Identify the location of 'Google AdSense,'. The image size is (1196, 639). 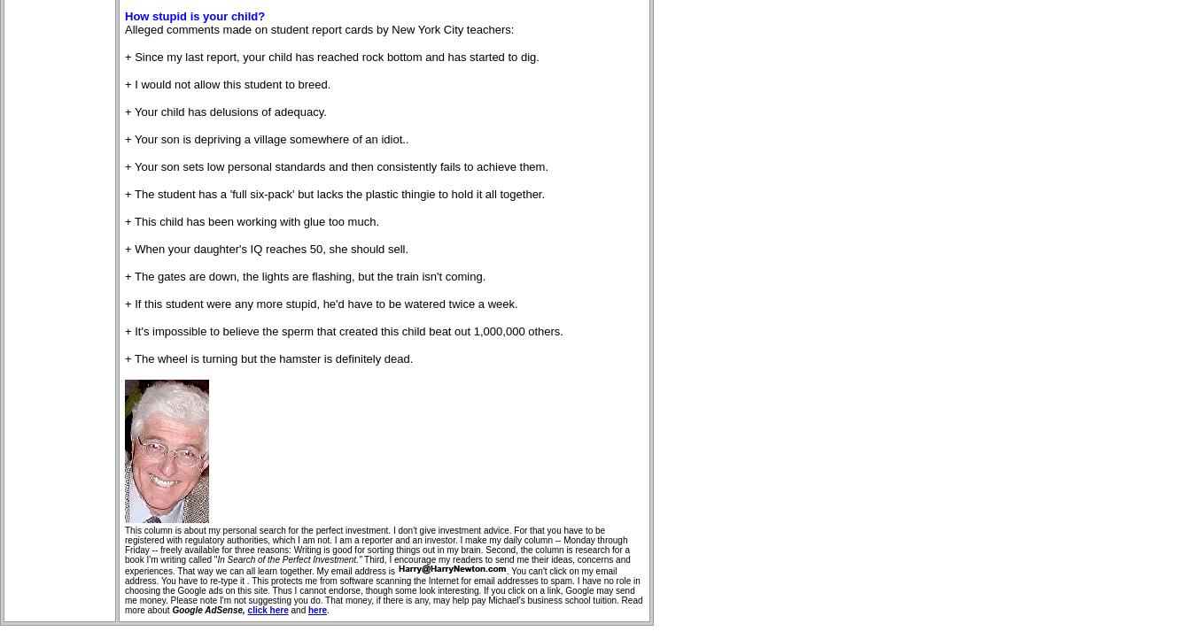
(171, 609).